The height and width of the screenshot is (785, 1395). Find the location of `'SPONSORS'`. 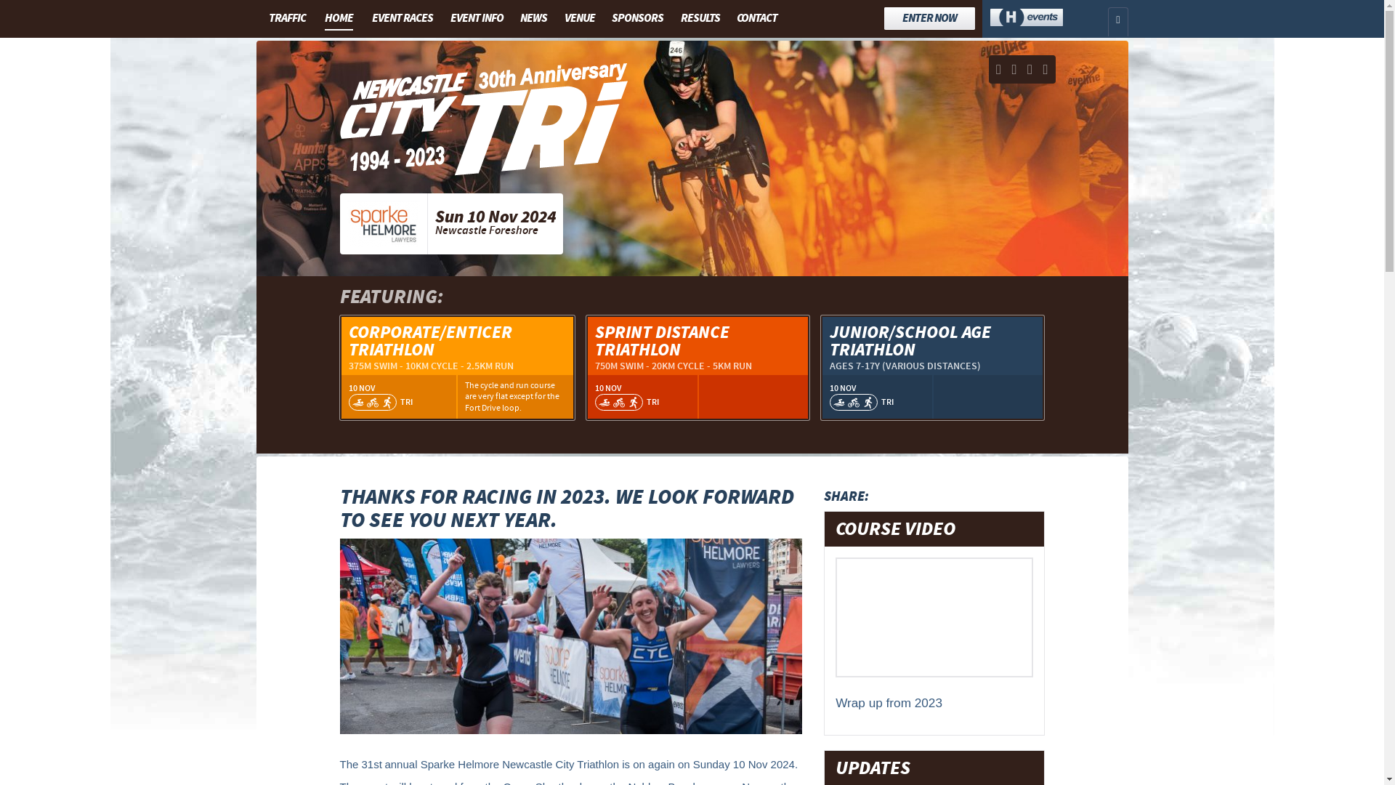

'SPONSORS' is located at coordinates (637, 17).